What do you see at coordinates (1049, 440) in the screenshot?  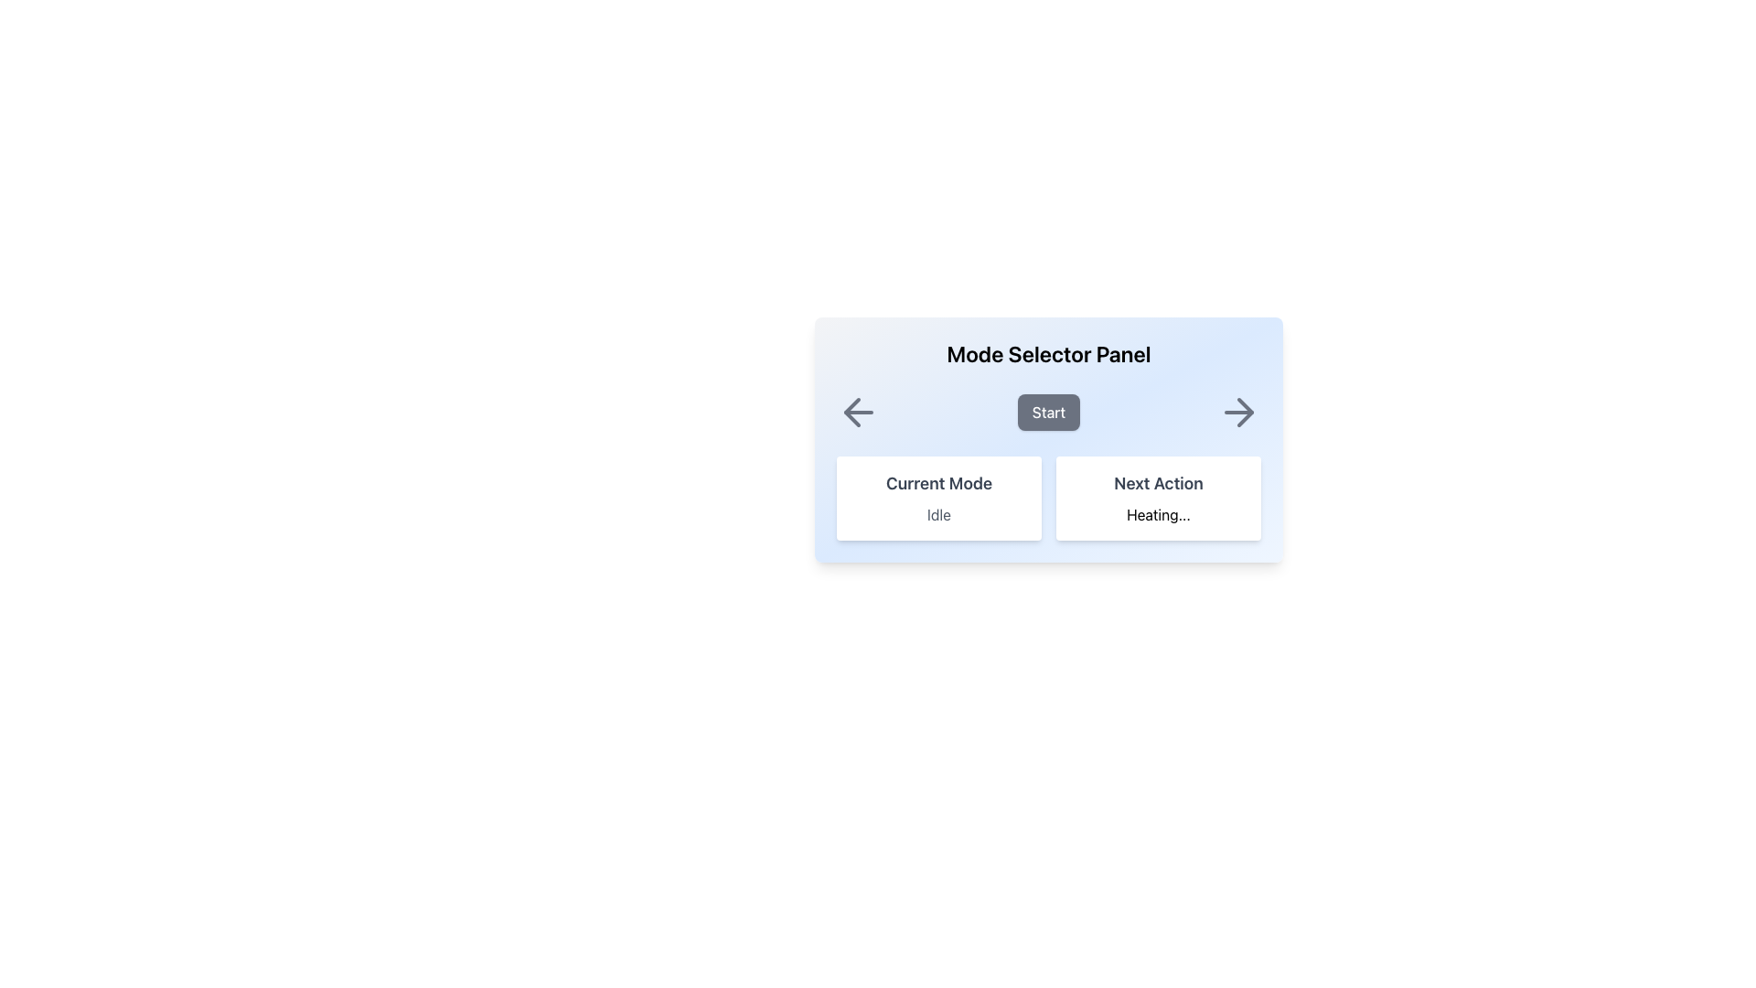 I see `the 'Start' button in the Mode Selector Panel, which has a dark gray background and white text` at bounding box center [1049, 440].